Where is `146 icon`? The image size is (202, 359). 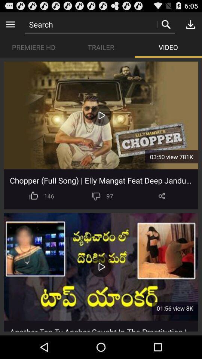 146 icon is located at coordinates (49, 196).